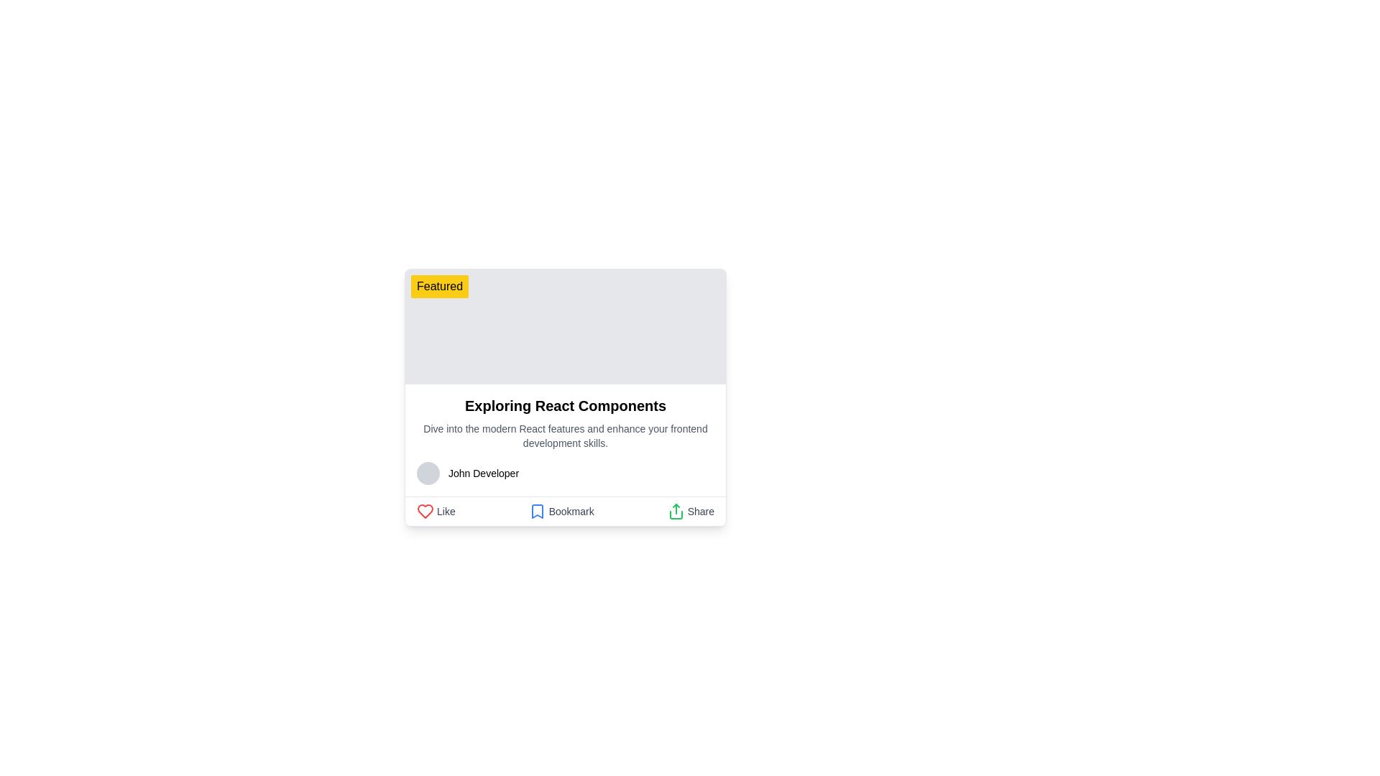 The image size is (1380, 776). Describe the element at coordinates (536, 511) in the screenshot. I see `the bookmark styled icon with a thin blue border, located next to the 'Bookmark' label` at that location.